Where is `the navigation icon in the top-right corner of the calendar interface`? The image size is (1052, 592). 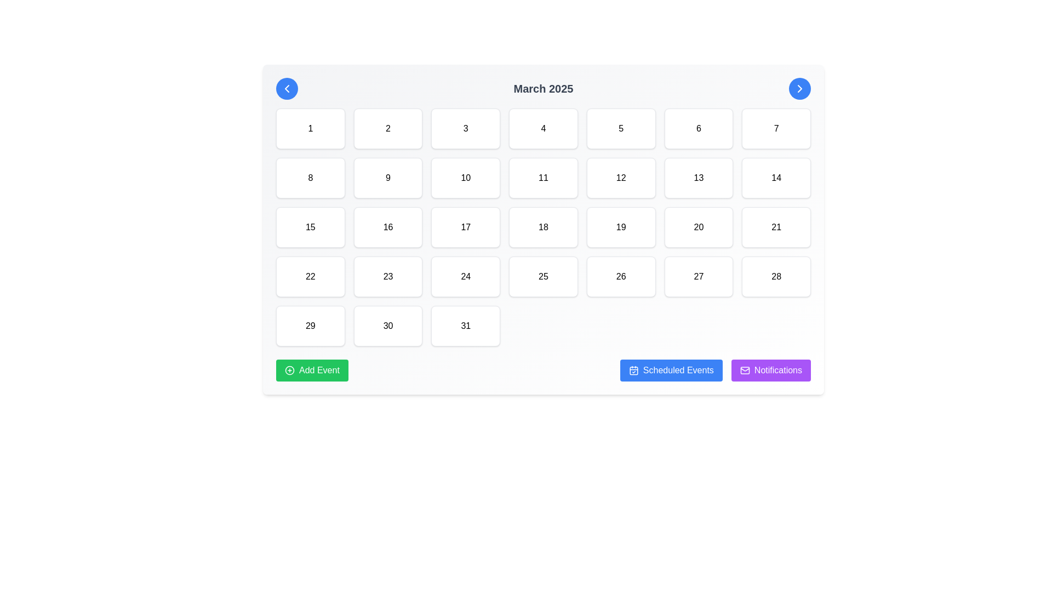
the navigation icon in the top-right corner of the calendar interface is located at coordinates (799, 88).